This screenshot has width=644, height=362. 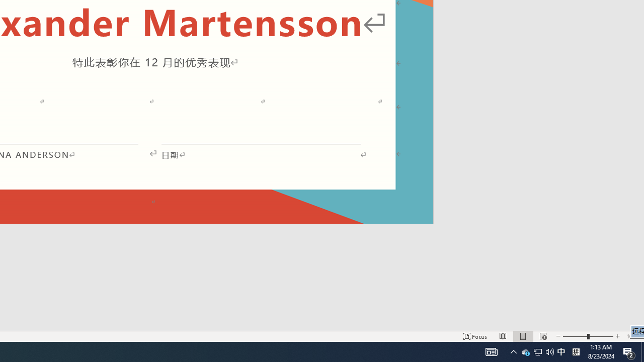 What do you see at coordinates (523, 336) in the screenshot?
I see `'Print Layout'` at bounding box center [523, 336].